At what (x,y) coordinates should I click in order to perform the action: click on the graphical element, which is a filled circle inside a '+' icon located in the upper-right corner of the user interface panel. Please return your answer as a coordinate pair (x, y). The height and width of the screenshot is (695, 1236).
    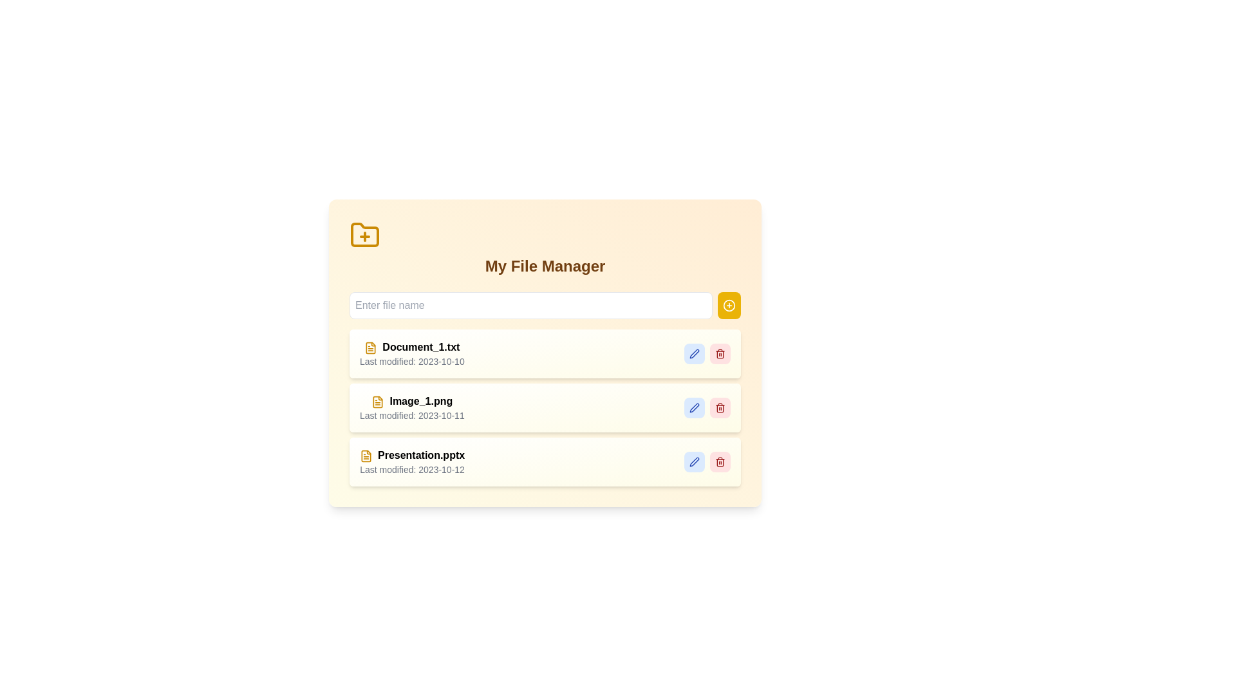
    Looking at the image, I should click on (729, 305).